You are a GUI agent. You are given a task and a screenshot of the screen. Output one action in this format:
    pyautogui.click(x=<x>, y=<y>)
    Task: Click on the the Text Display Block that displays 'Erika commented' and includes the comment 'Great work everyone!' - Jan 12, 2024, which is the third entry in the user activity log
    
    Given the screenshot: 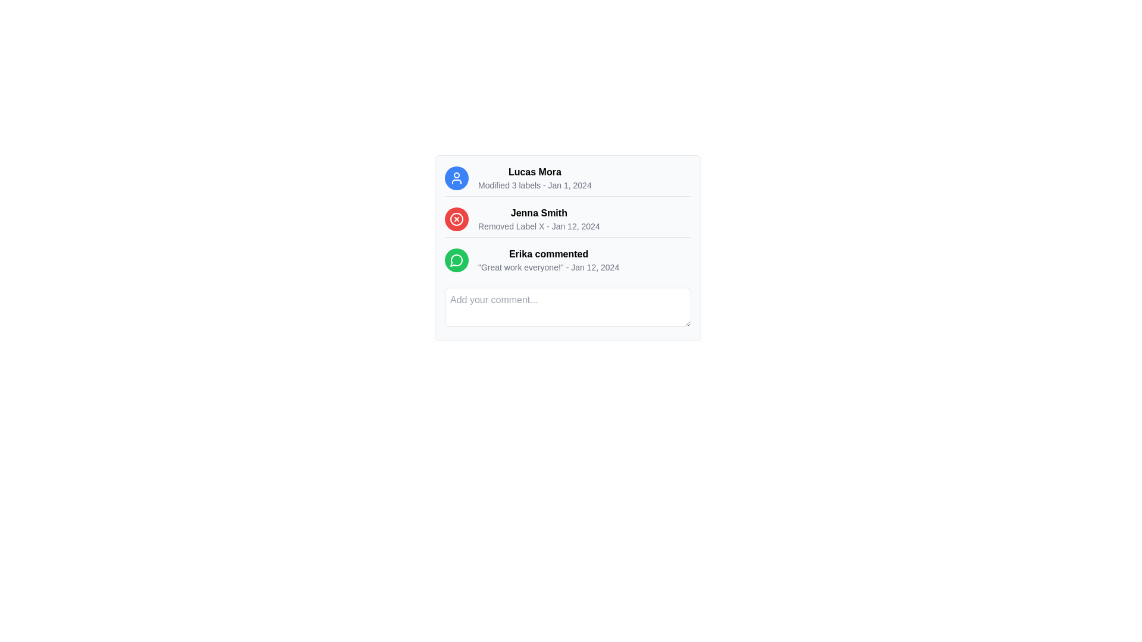 What is the action you would take?
    pyautogui.click(x=548, y=260)
    